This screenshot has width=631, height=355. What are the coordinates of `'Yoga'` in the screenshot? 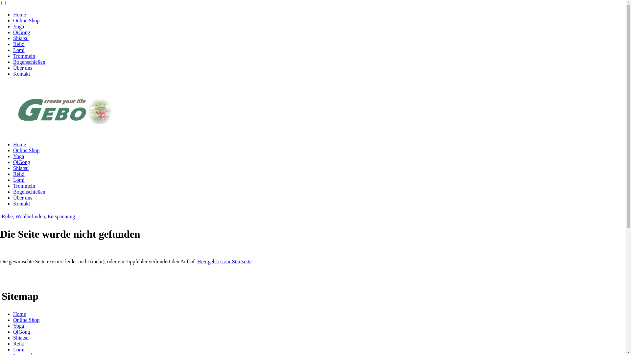 It's located at (18, 326).